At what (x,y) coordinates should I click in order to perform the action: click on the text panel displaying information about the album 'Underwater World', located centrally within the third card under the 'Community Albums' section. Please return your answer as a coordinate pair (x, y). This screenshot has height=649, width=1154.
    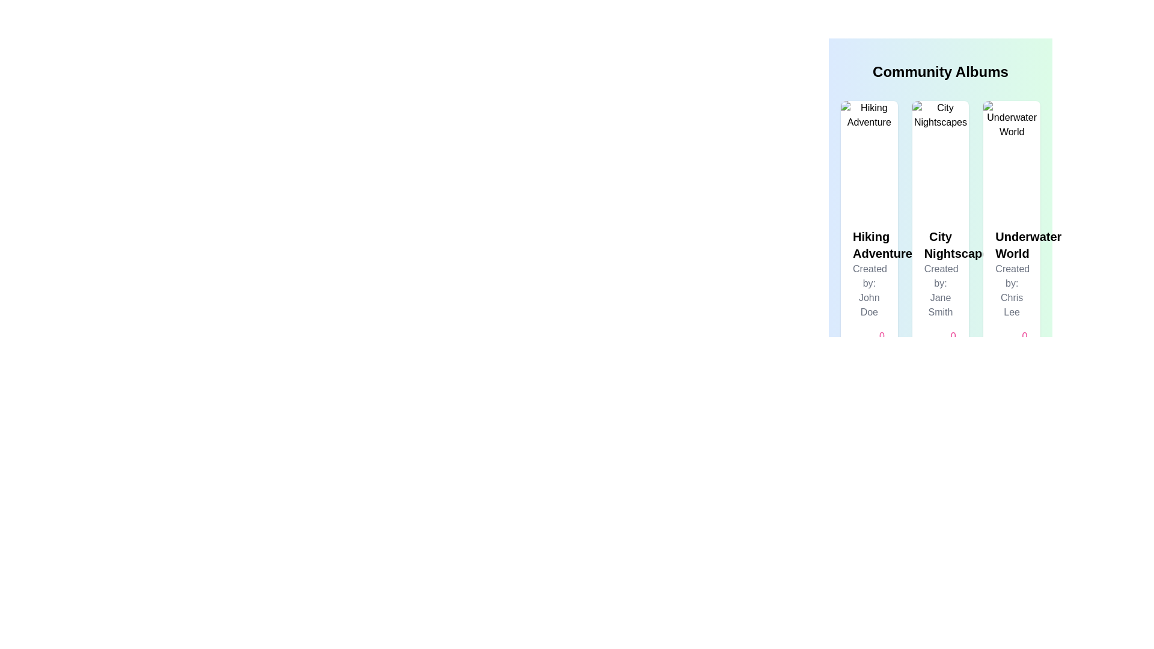
    Looking at the image, I should click on (1011, 293).